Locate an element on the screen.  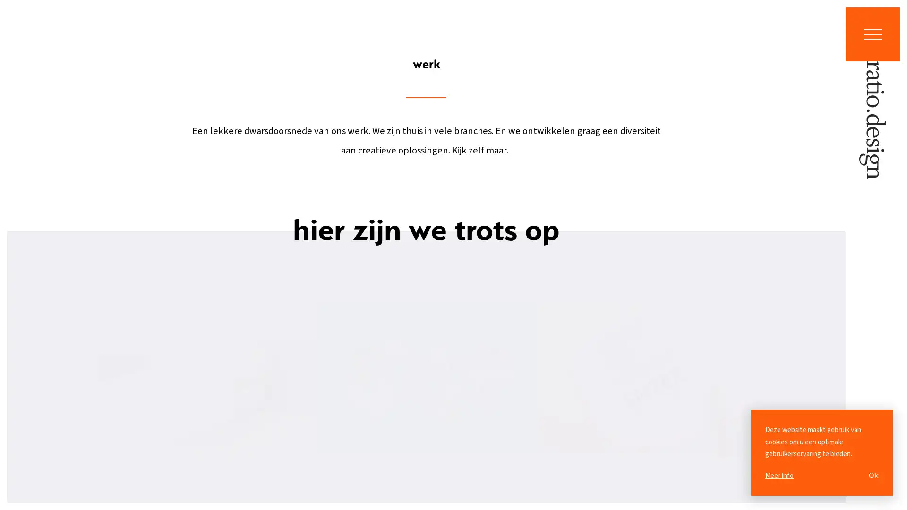
Open menu is located at coordinates (872, 34).